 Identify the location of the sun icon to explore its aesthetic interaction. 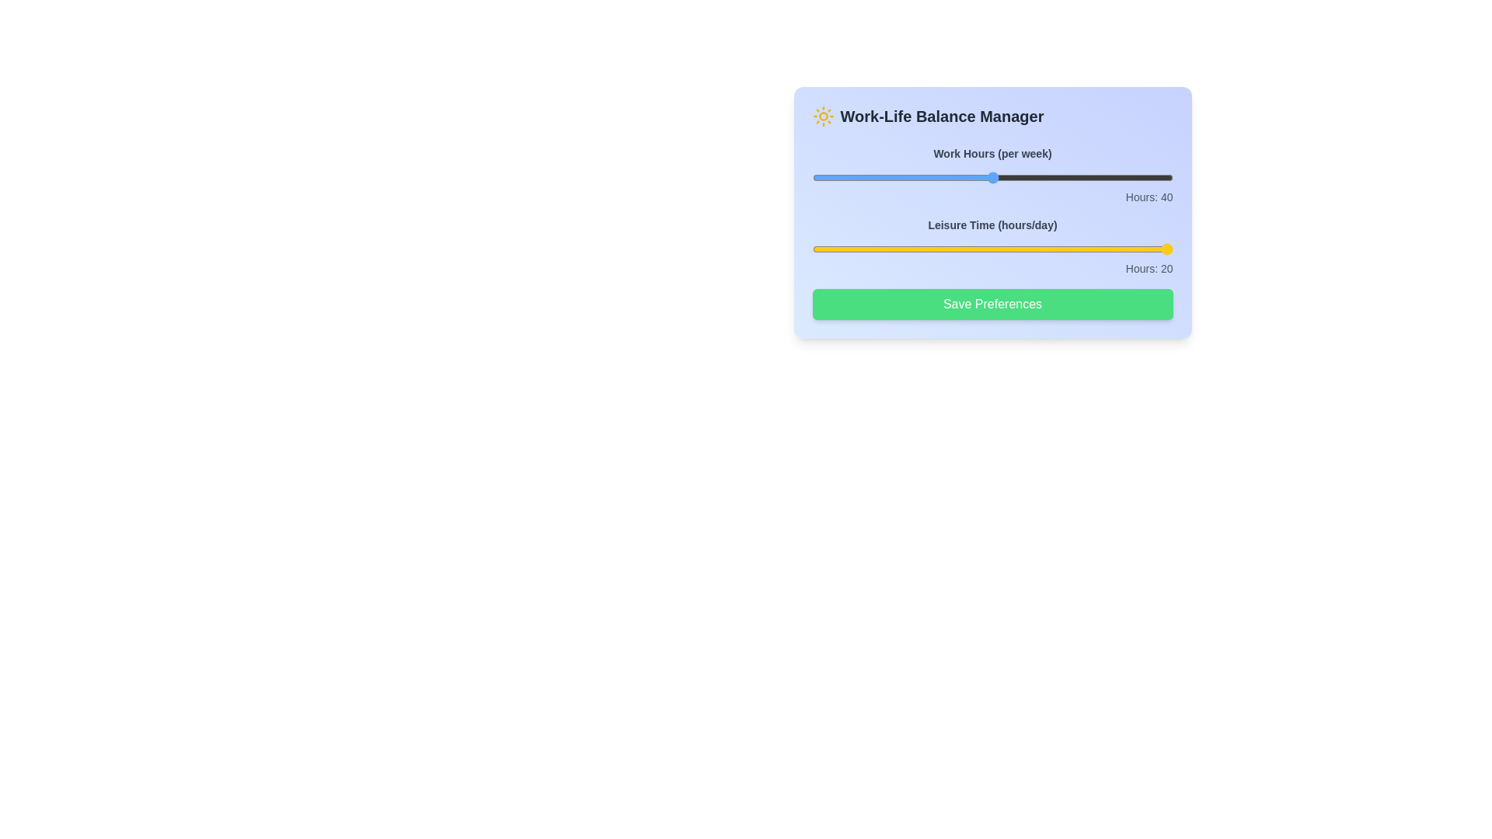
(822, 116).